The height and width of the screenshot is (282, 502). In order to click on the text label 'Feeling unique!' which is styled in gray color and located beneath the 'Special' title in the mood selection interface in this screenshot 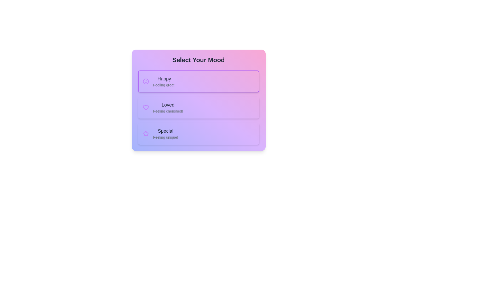, I will do `click(165, 137)`.